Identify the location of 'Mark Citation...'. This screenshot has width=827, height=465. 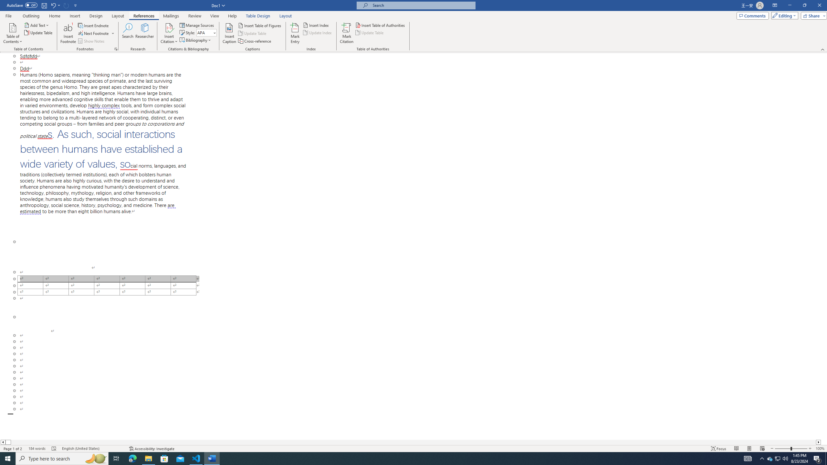
(346, 33).